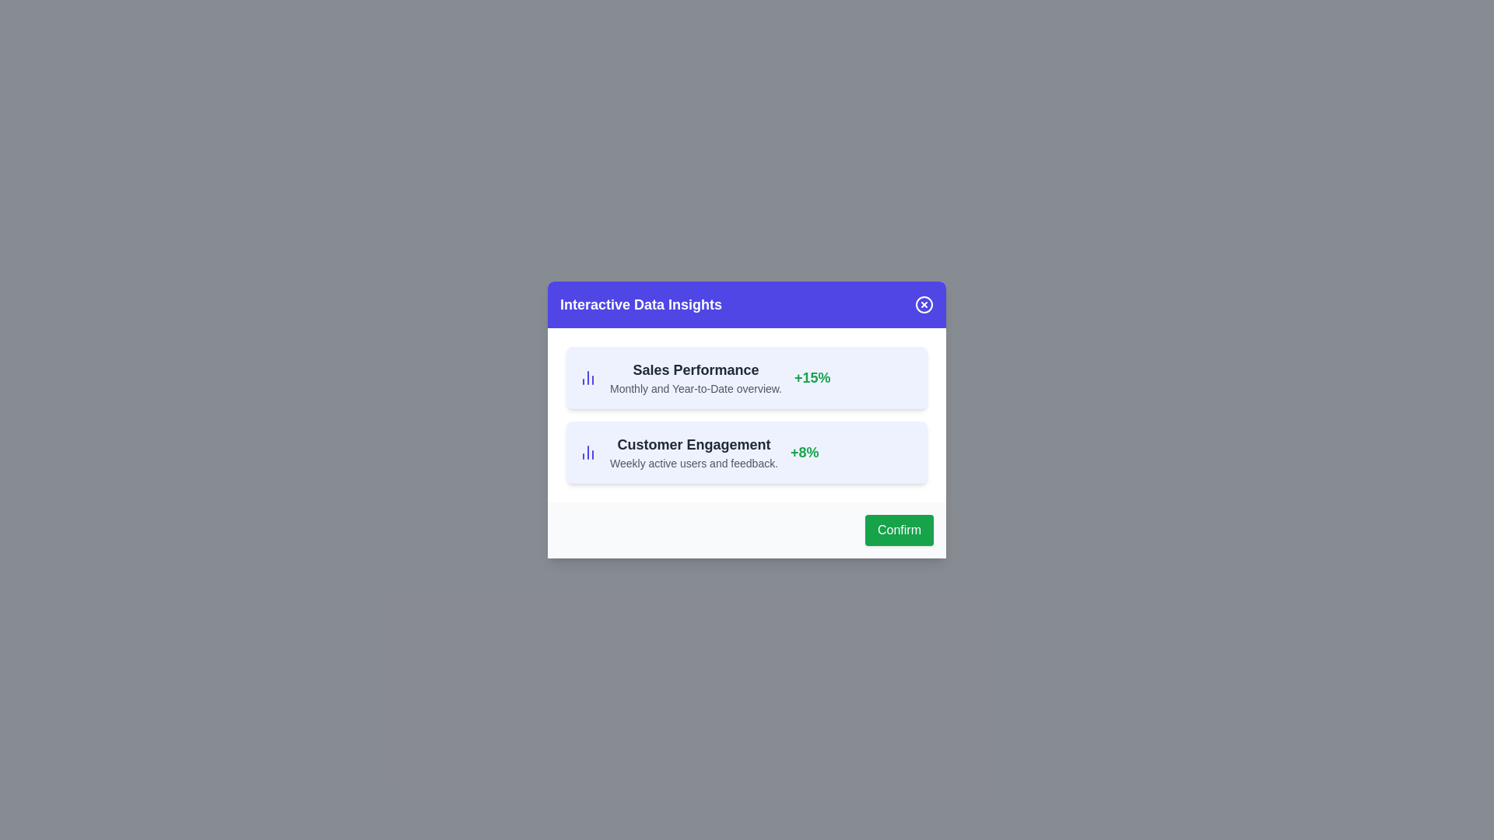 The height and width of the screenshot is (840, 1494). Describe the element at coordinates (900, 530) in the screenshot. I see `the confirm button to acknowledge the insights` at that location.